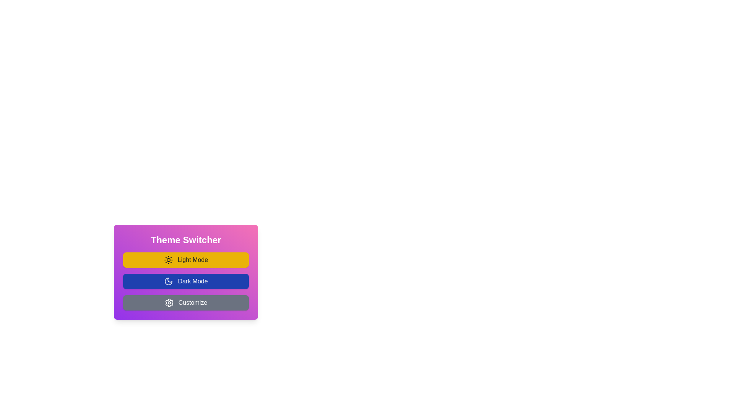 The image size is (734, 413). I want to click on the text label that reads 'Dark Mode', which is styled with a bold, white font against a dark blue rectangular background and is centered within the second button of the vertical menu of theme options, so click(193, 281).